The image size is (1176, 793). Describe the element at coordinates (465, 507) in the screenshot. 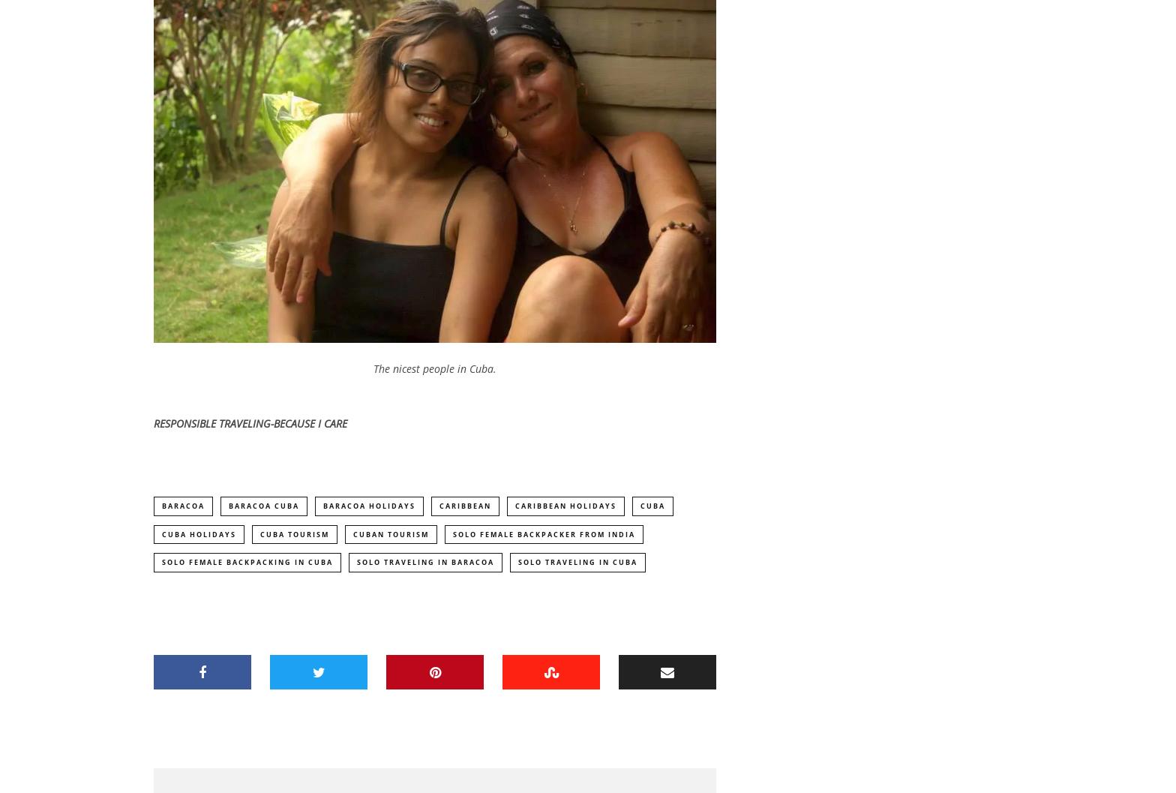

I see `'Caribbean'` at that location.